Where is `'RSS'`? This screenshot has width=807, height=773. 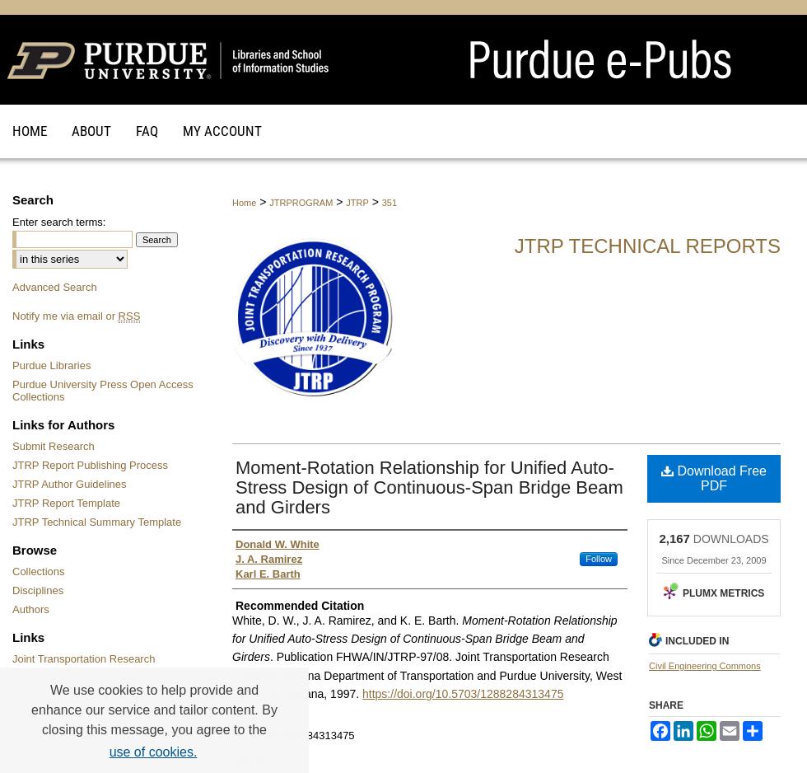 'RSS' is located at coordinates (128, 315).